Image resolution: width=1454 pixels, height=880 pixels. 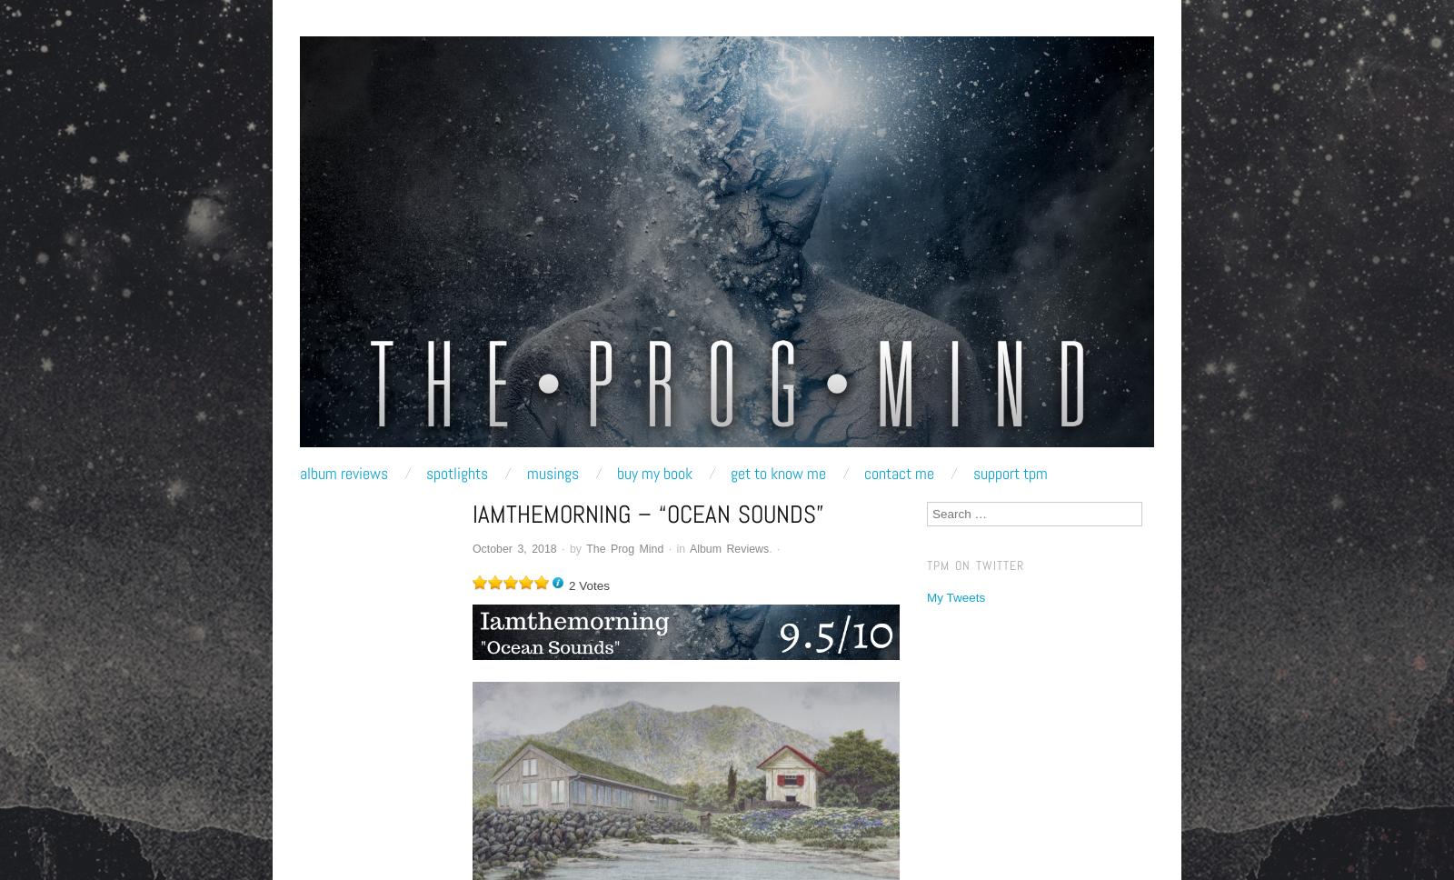 What do you see at coordinates (680, 547) in the screenshot?
I see `'in'` at bounding box center [680, 547].